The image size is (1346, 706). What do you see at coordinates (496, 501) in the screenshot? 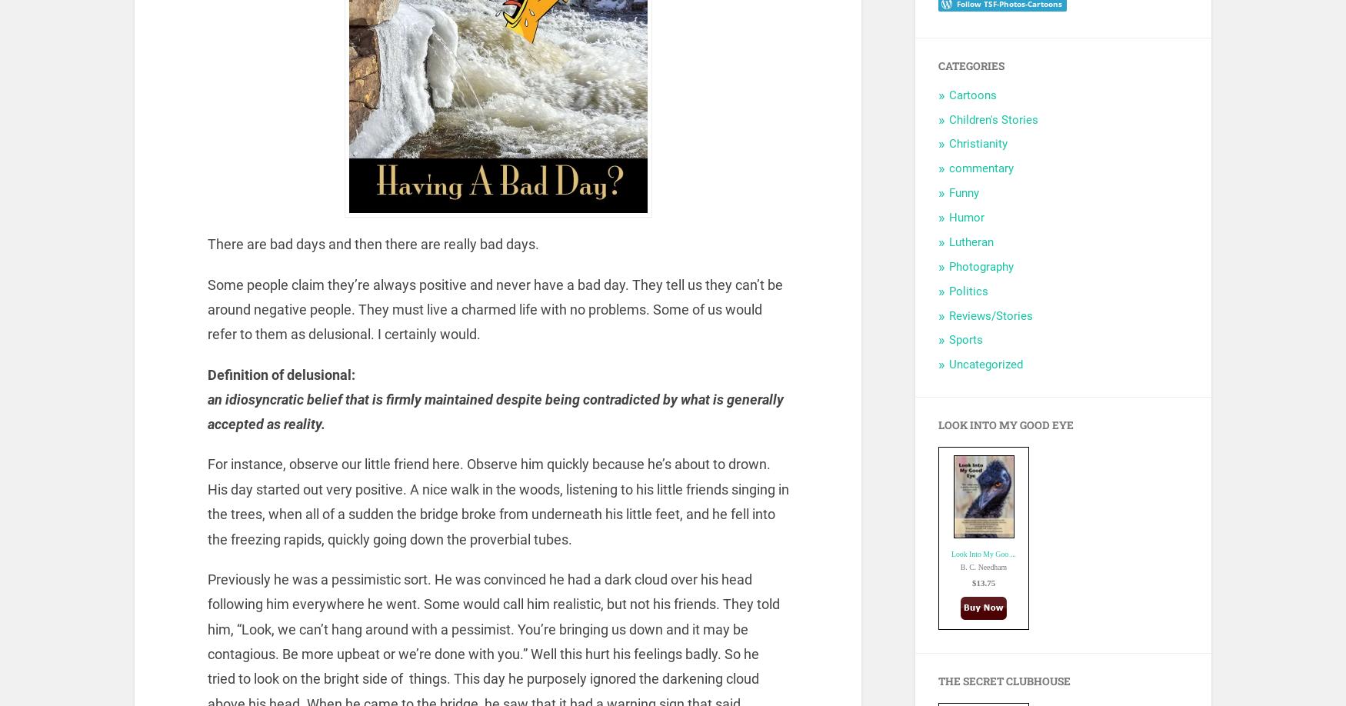
I see `'For instance, observe our little friend here. Observe him quickly because he’s about to drown. His day started out very positive. A nice walk in the woods, listening to his little friends singing in the trees, when all of a sudden the bridge broke from underneath his little feet, and he fell into the freezing rapids, quickly going down the proverbial tubes.'` at bounding box center [496, 501].